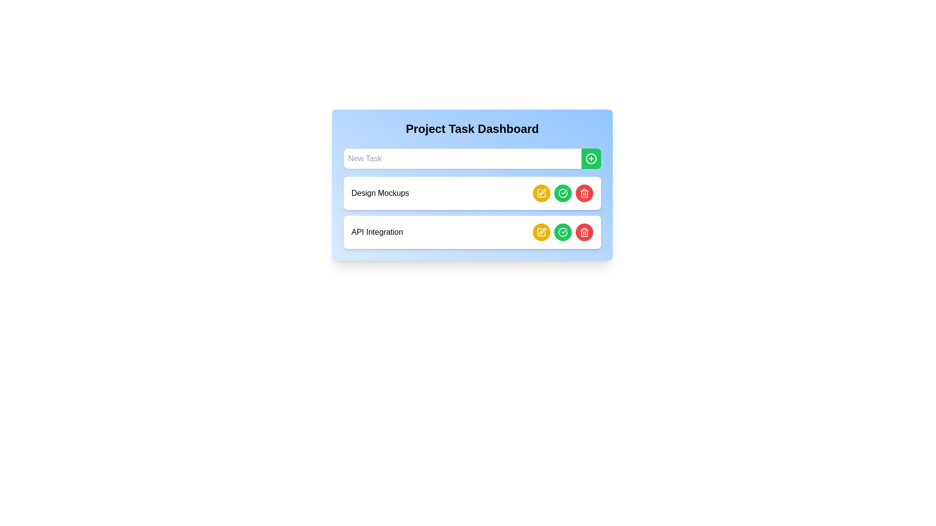  What do you see at coordinates (563, 232) in the screenshot?
I see `the circular green button with a white checkmark in the center, located in the second task row labeled 'API Integration'` at bounding box center [563, 232].